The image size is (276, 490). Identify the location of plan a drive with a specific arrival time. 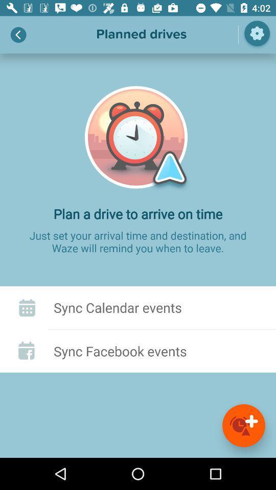
(243, 425).